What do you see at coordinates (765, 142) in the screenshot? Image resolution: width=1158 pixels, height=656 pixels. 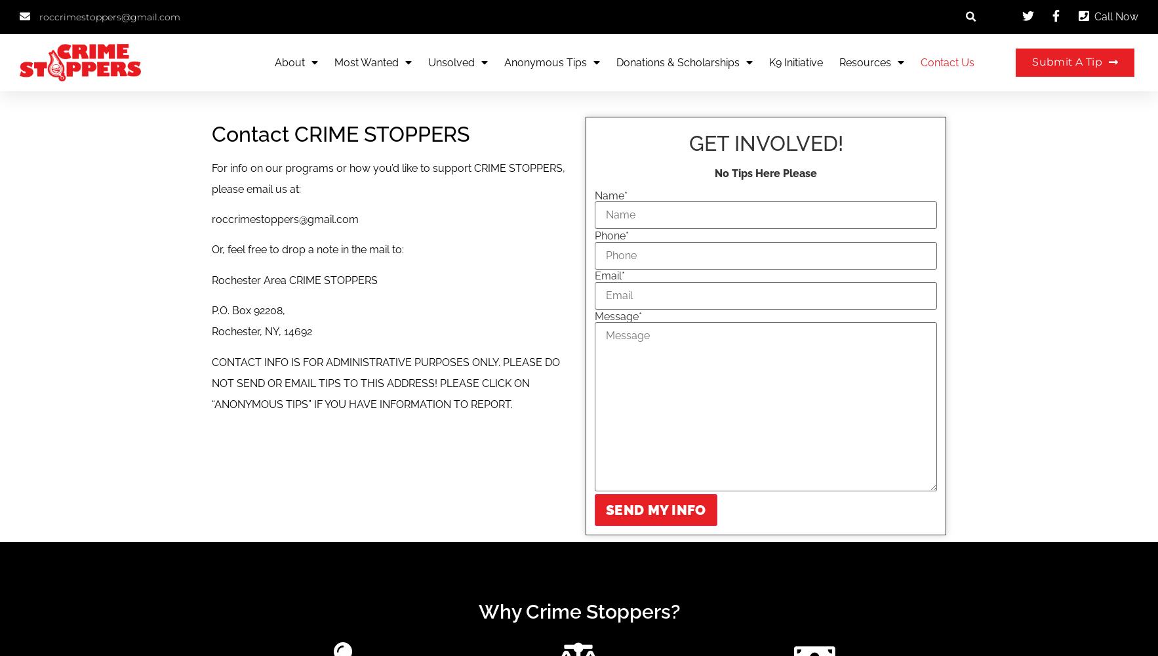 I see `'GET INVOLVED!'` at bounding box center [765, 142].